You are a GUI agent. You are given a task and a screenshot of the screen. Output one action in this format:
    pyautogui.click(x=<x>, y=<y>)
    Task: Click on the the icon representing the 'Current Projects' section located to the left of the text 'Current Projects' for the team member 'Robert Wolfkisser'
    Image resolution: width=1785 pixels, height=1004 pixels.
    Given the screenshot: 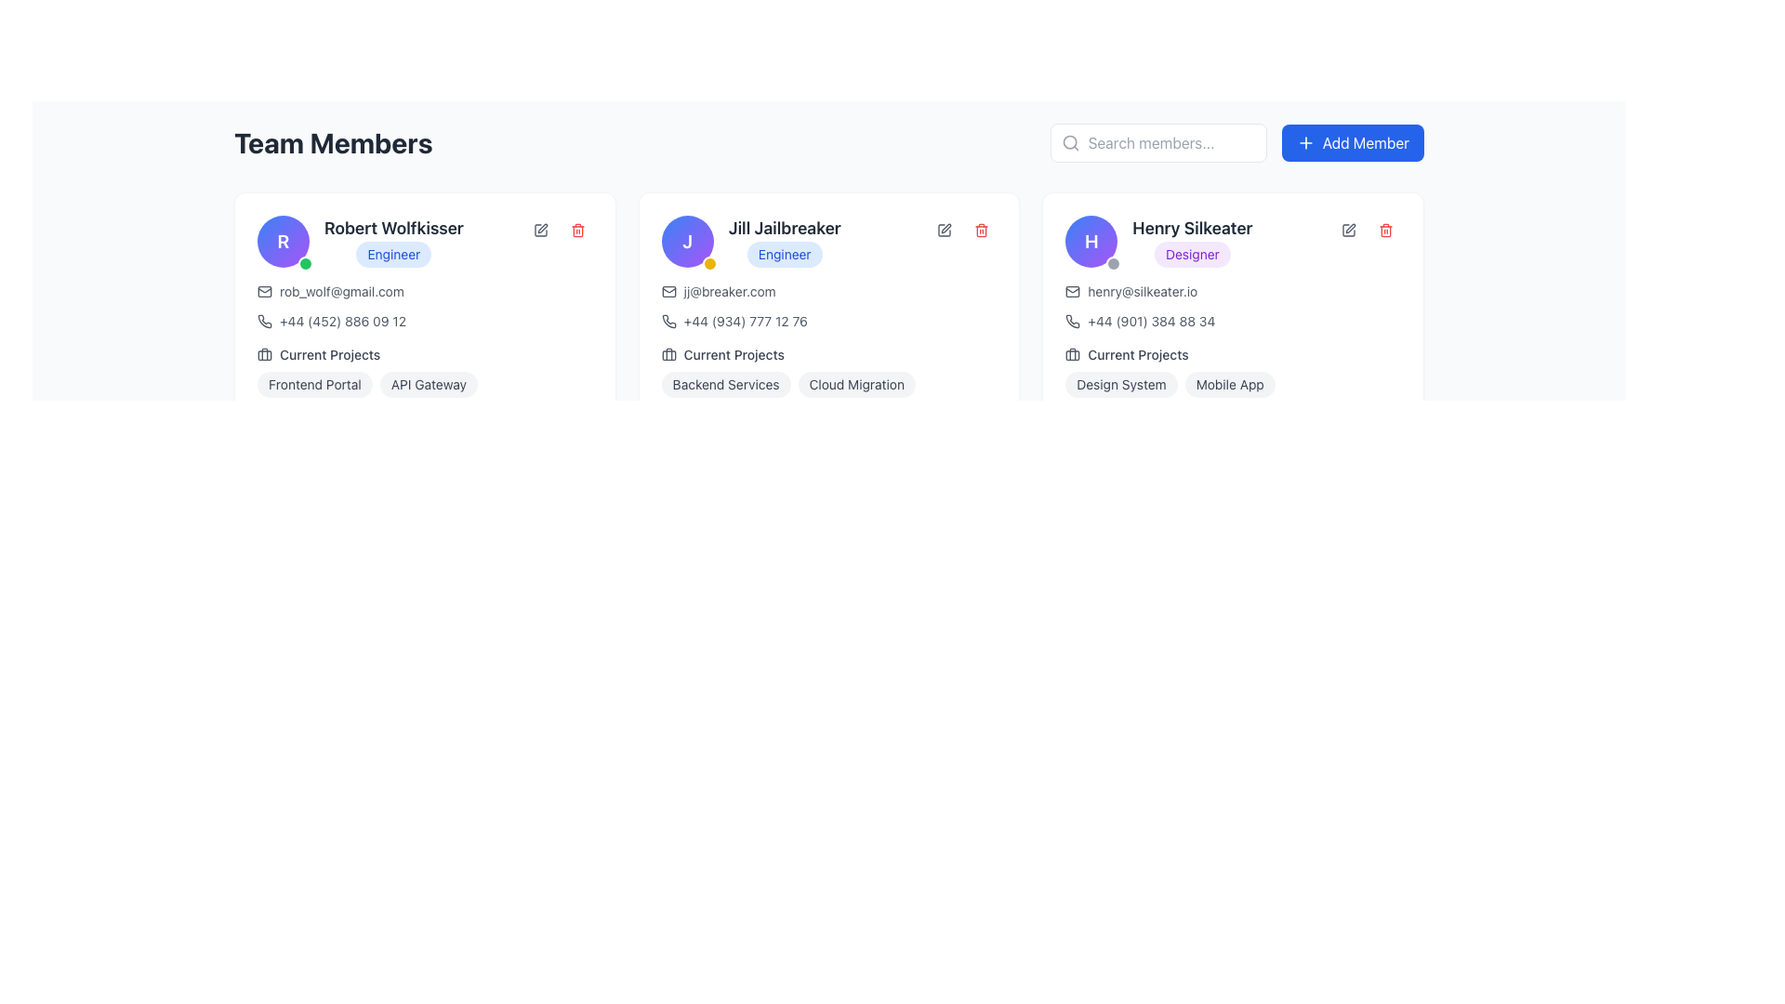 What is the action you would take?
    pyautogui.click(x=263, y=354)
    